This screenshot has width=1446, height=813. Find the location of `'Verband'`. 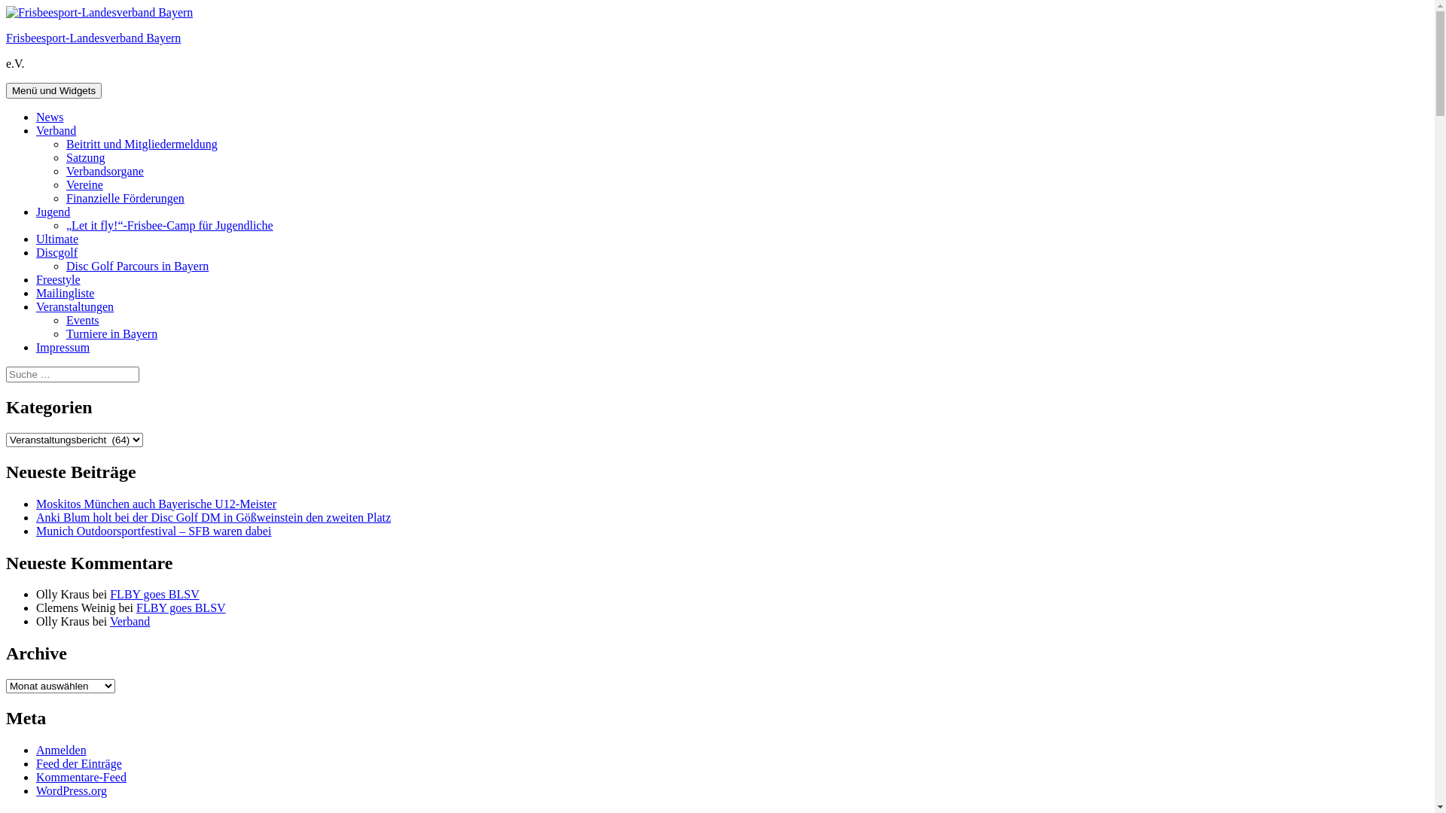

'Verband' is located at coordinates (130, 621).